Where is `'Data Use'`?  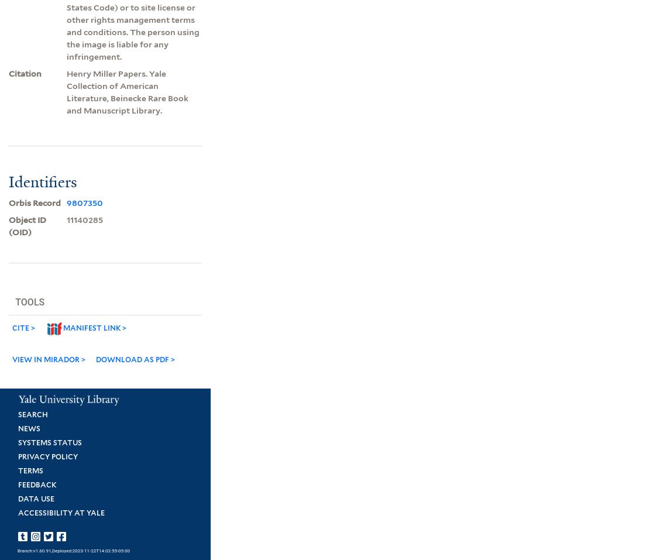 'Data Use' is located at coordinates (35, 497).